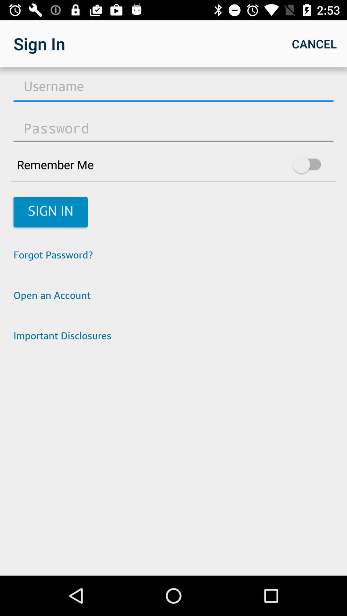  Describe the element at coordinates (314, 43) in the screenshot. I see `app next to sign in icon` at that location.